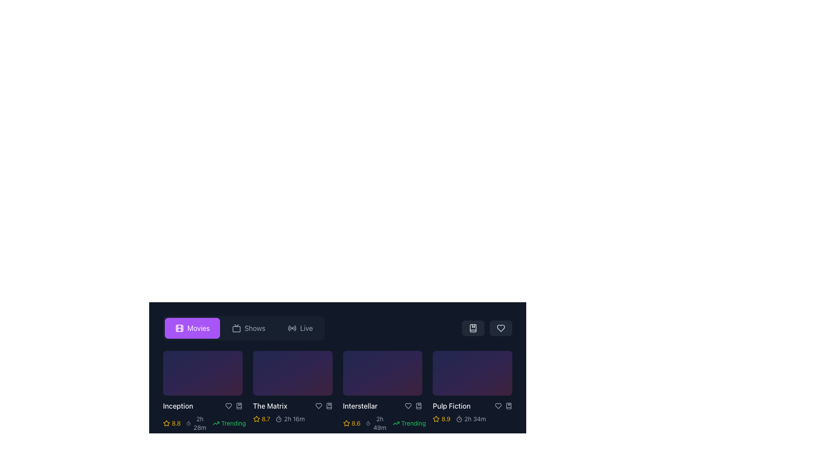 This screenshot has width=835, height=469. What do you see at coordinates (382, 423) in the screenshot?
I see `the information display cluster that shows the rating, duration, and trending status of the 'Interstellar' movie, located directly beneath its title` at bounding box center [382, 423].